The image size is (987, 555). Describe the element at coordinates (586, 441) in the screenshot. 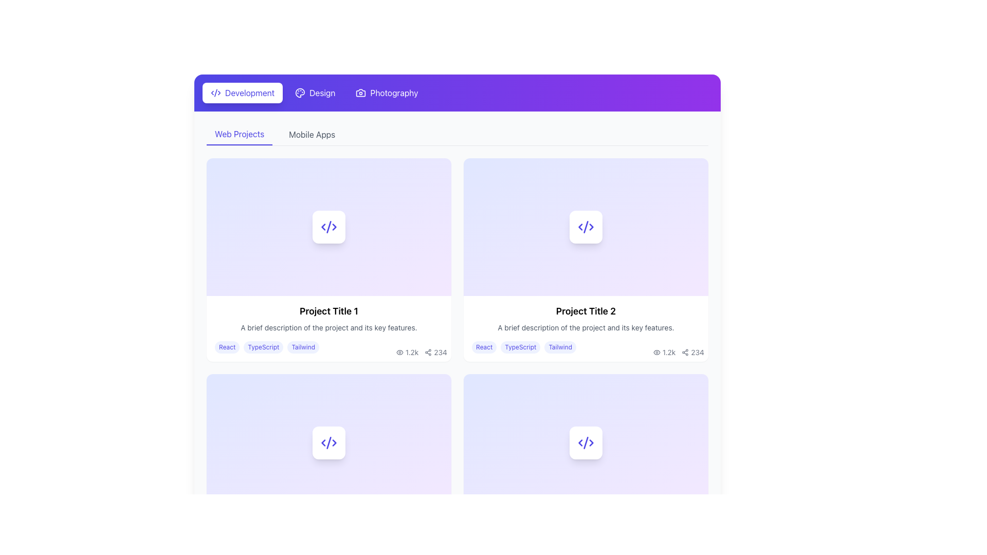

I see `the decorative icon located in the second row and second column of the grid layout, directly below the card labeled 'Project Title 2'` at that location.